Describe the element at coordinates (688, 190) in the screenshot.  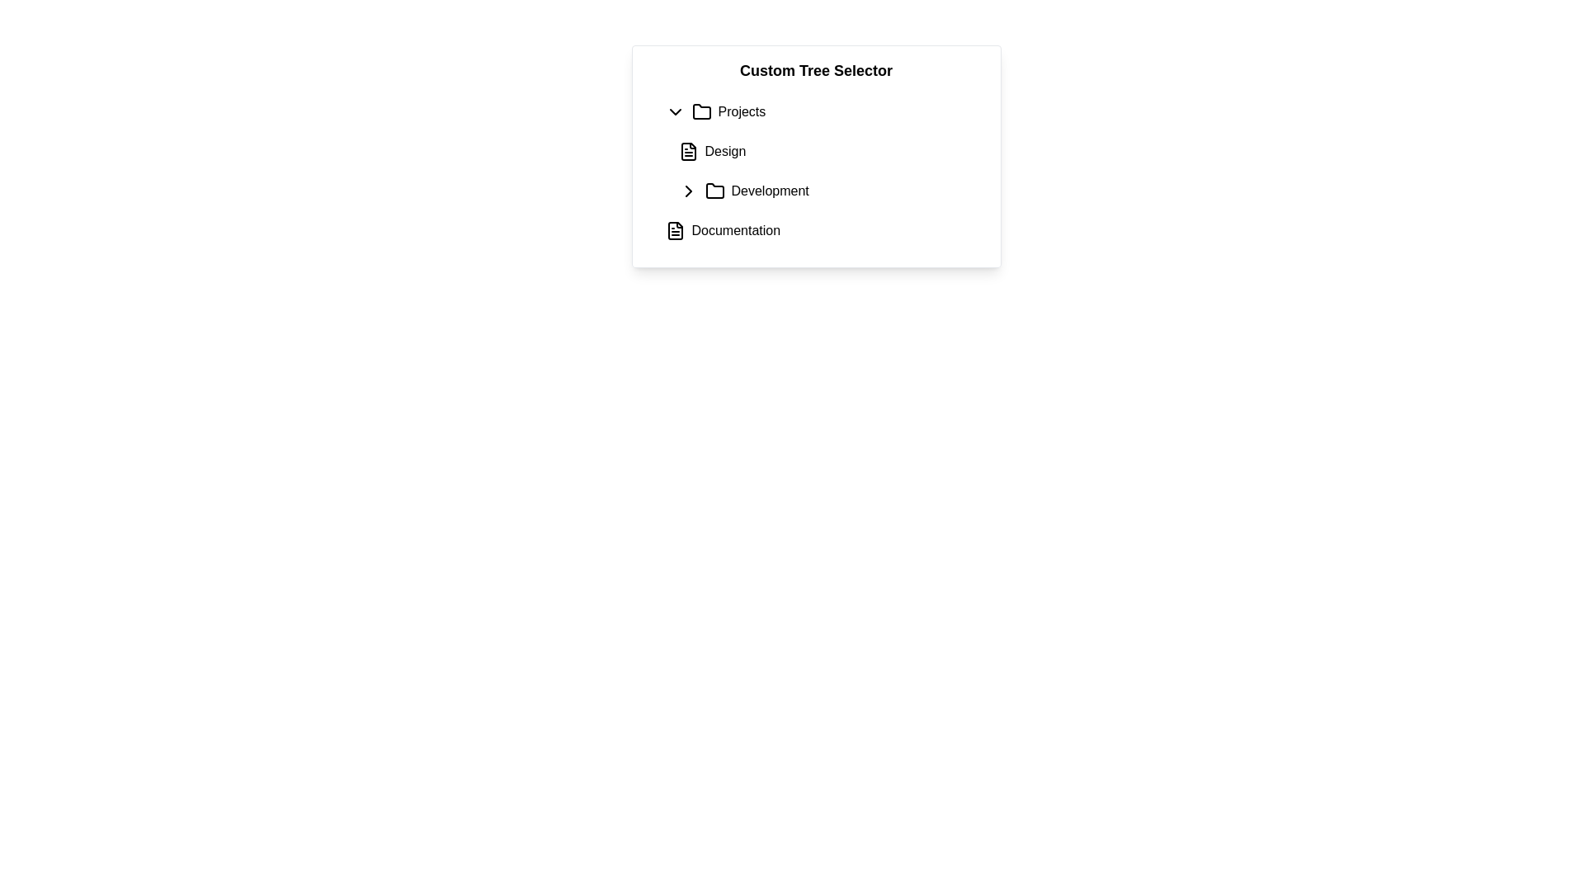
I see `the navigation icon for the 'Development' menu item` at that location.